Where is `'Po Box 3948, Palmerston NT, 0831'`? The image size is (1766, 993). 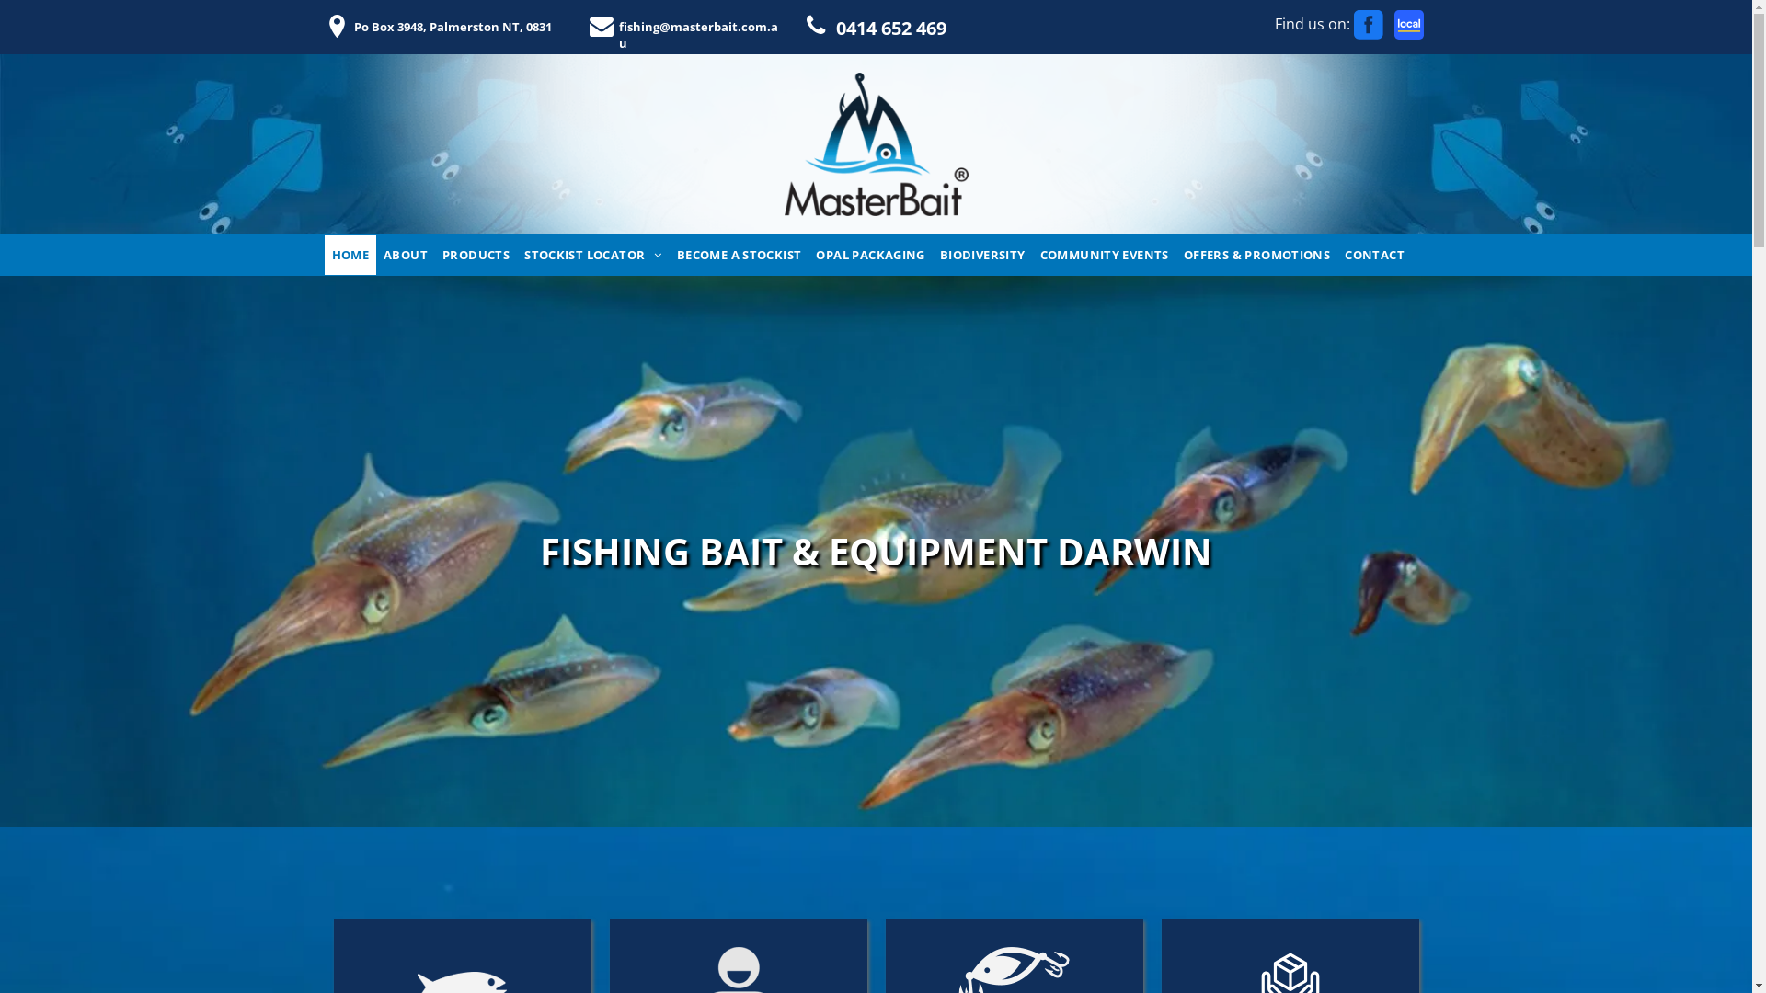 'Po Box 3948, Palmerston NT, 0831' is located at coordinates (448, 27).